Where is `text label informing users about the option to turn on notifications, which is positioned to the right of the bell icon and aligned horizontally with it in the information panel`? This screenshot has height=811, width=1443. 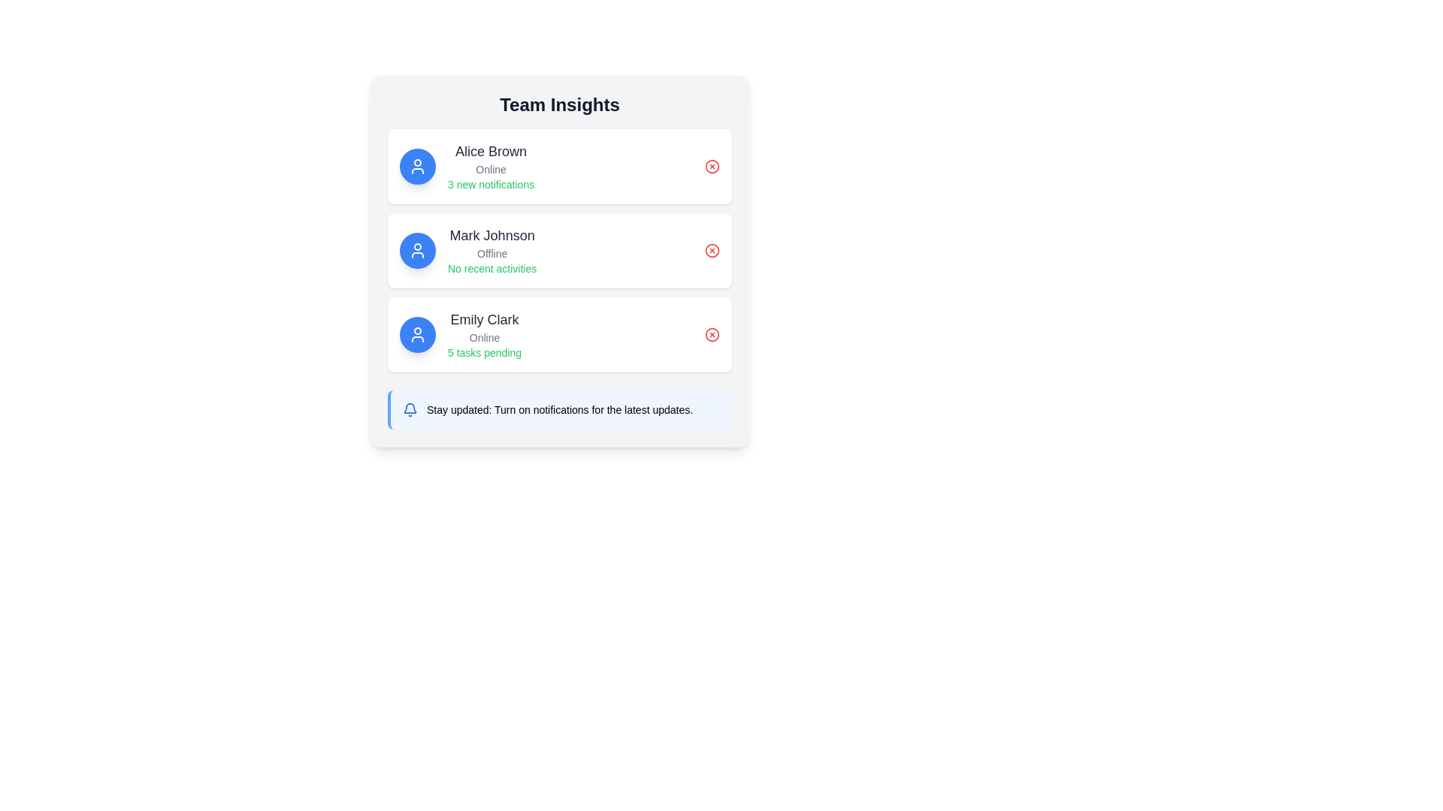
text label informing users about the option to turn on notifications, which is positioned to the right of the bell icon and aligned horizontally with it in the information panel is located at coordinates (559, 410).